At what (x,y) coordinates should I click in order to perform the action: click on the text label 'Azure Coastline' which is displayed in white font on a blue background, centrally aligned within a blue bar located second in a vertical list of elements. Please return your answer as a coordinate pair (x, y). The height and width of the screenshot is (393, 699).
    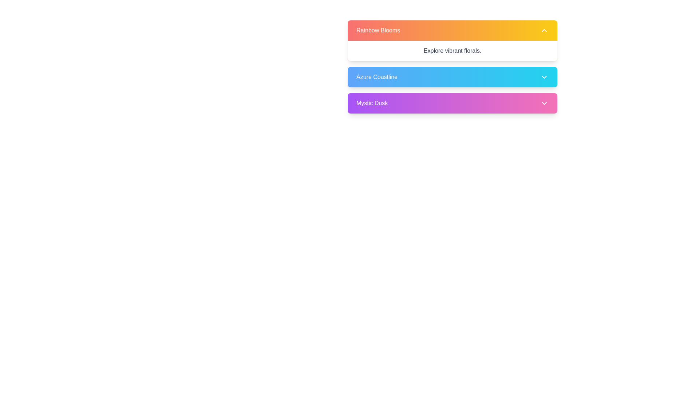
    Looking at the image, I should click on (377, 77).